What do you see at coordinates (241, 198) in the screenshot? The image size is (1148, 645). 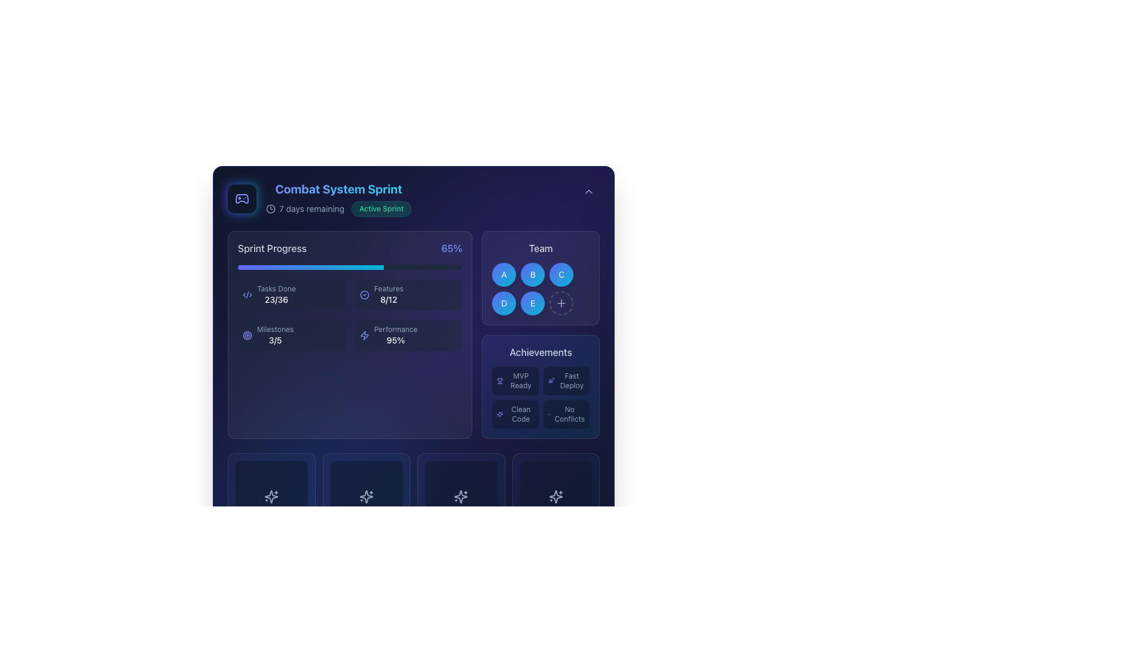 I see `the decorative gaming icon located in the top-left section of the user interface, which is part of a box with slightly rounded corners, positioned next to a labeled title` at bounding box center [241, 198].